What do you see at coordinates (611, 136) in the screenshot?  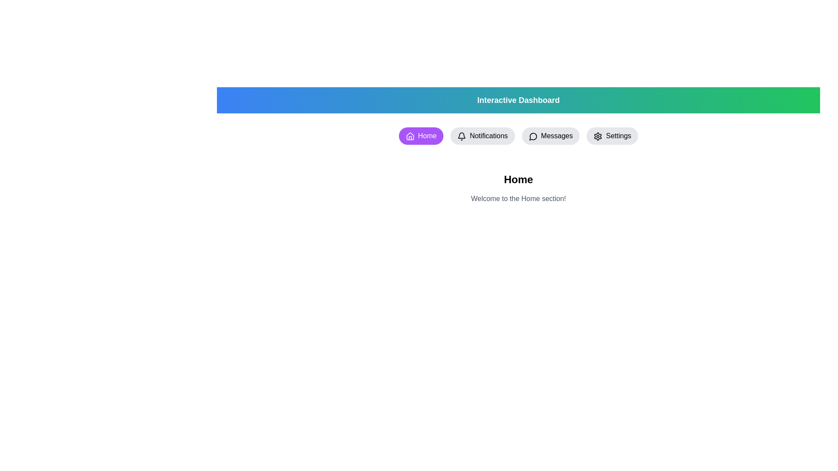 I see `the tab labeled Settings to view its content` at bounding box center [611, 136].